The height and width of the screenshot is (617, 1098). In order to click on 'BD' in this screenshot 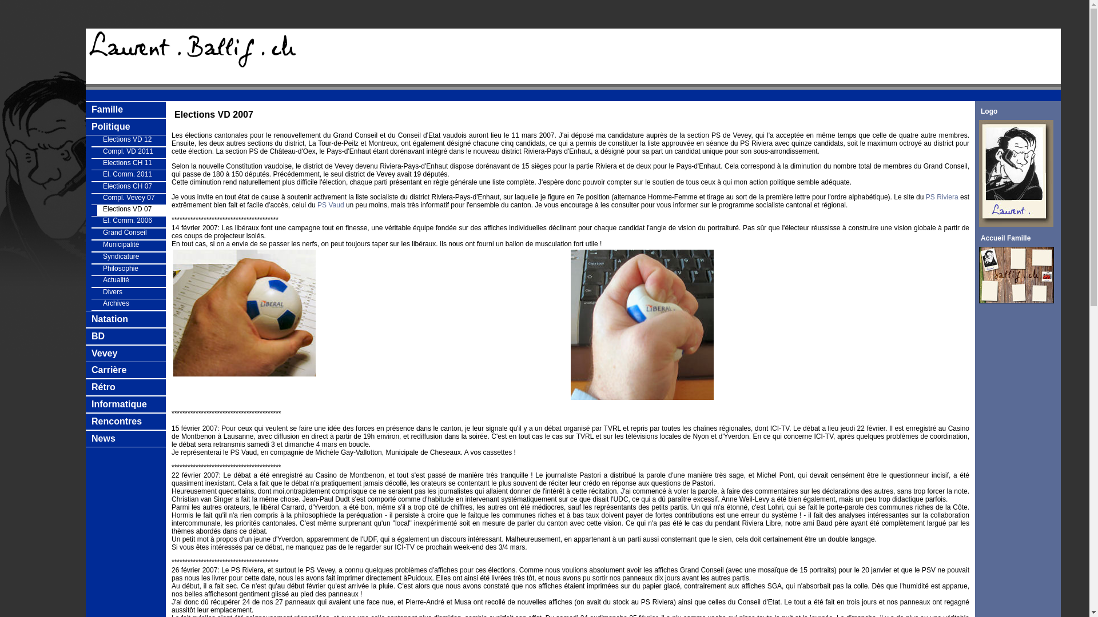, I will do `click(129, 336)`.